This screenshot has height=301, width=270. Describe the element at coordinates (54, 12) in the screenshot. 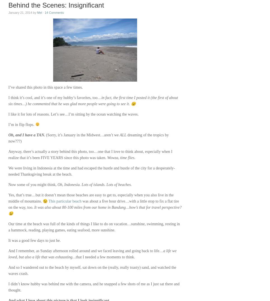

I see `'14 Comments'` at that location.